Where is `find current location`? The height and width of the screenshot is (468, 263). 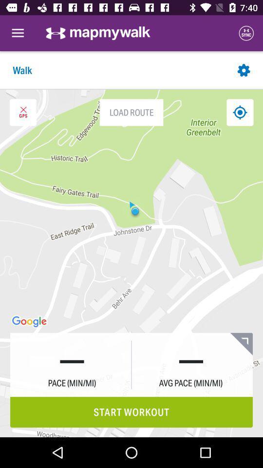
find current location is located at coordinates (239, 112).